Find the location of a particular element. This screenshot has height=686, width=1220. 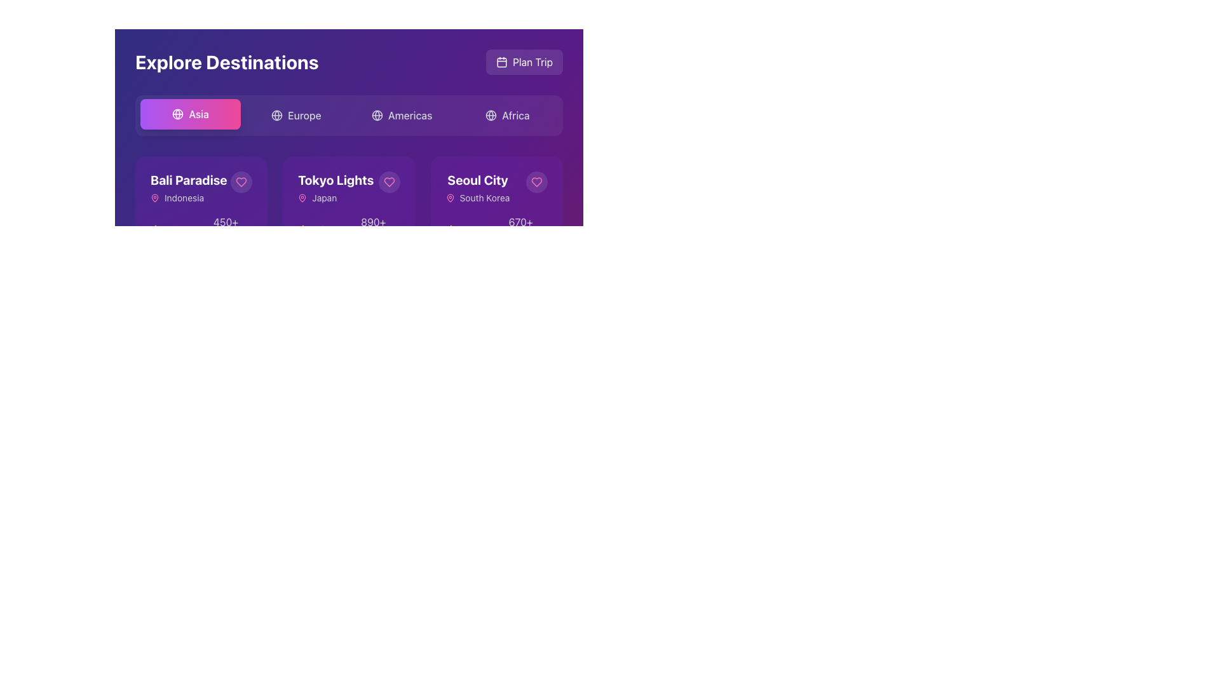

the decorative part of the globe icon, which is located to the left of the 'Asia' button in the top bar of the interface is located at coordinates (177, 114).